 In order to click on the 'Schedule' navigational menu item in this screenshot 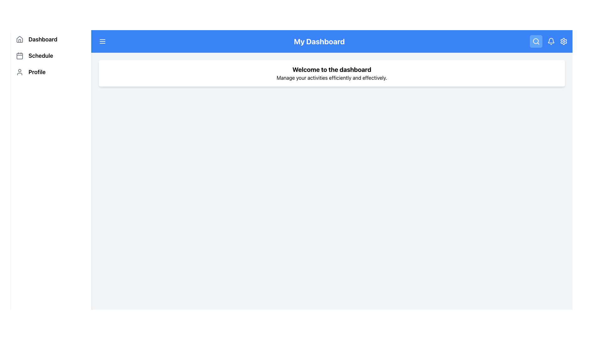, I will do `click(51, 55)`.